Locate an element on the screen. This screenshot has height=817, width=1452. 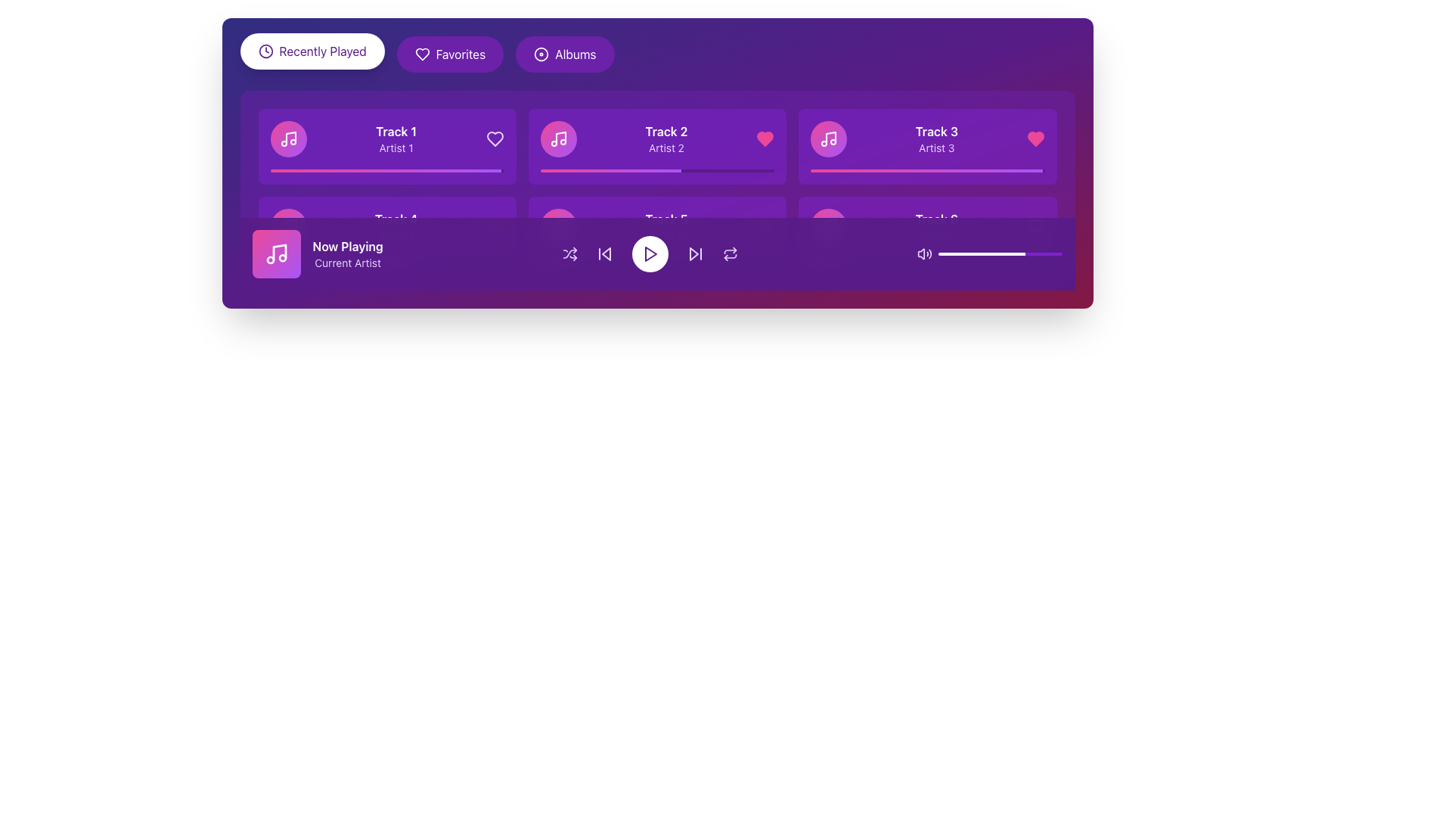
the white musical note icon located in the top-left corner of the card labeled 'Track 3', which is positioned in the second column of the top row within the grid of cards, surrounded by a circular gradient background is located at coordinates (828, 139).